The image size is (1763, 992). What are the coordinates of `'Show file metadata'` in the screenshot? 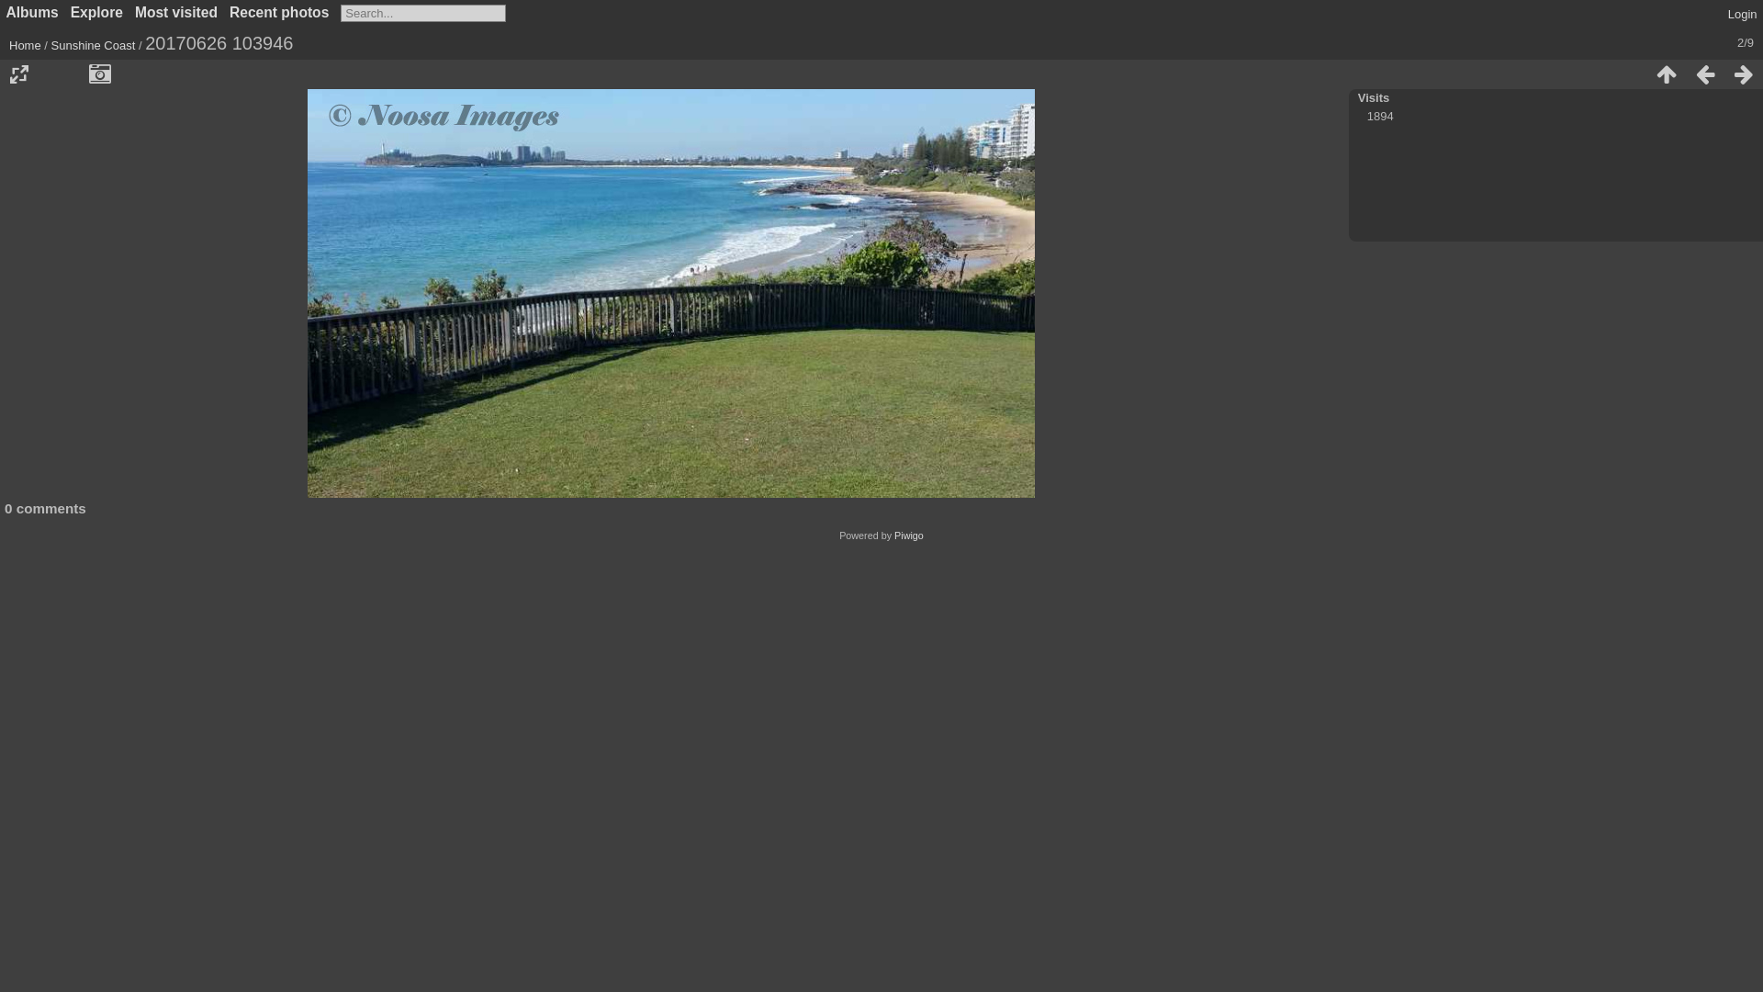 It's located at (99, 73).